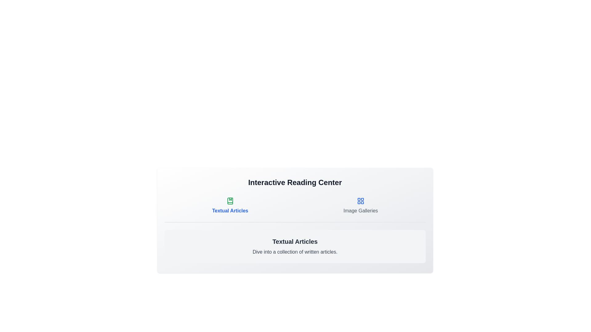 Image resolution: width=591 pixels, height=332 pixels. Describe the element at coordinates (230, 206) in the screenshot. I see `the tab Textual Articles to view its content` at that location.